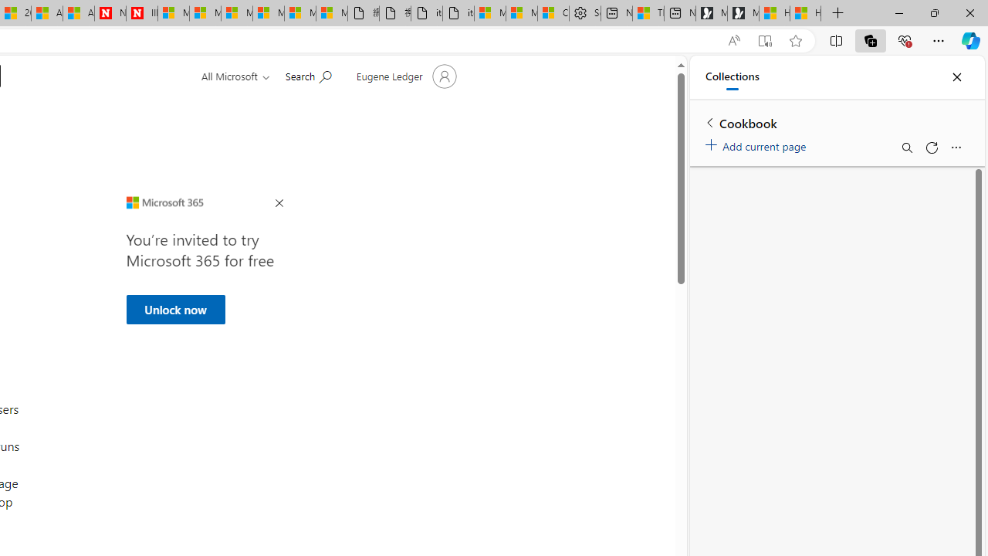 The height and width of the screenshot is (556, 988). Describe the element at coordinates (733, 40) in the screenshot. I see `'Read aloud this page (Ctrl+Shift+U)'` at that location.